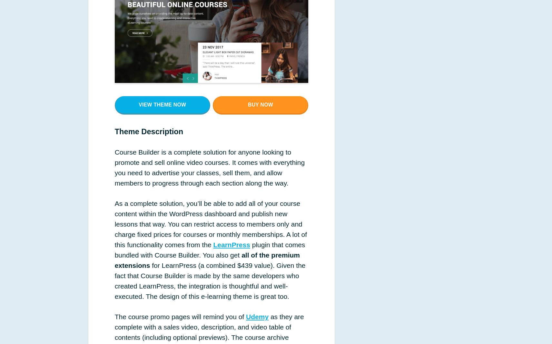 This screenshot has width=552, height=344. What do you see at coordinates (257, 317) in the screenshot?
I see `'Udemy'` at bounding box center [257, 317].